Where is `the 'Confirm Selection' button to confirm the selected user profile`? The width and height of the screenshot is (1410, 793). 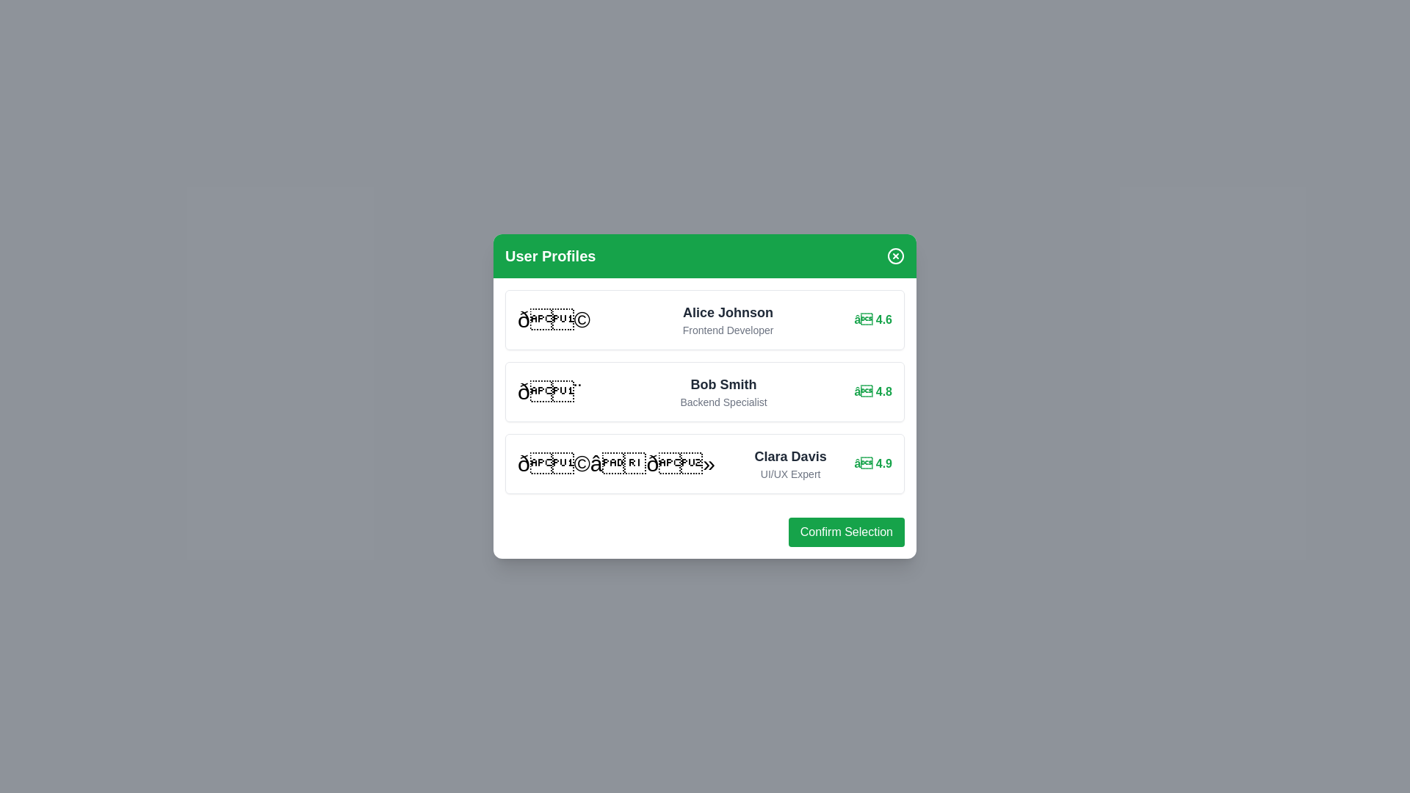
the 'Confirm Selection' button to confirm the selected user profile is located at coordinates (846, 532).